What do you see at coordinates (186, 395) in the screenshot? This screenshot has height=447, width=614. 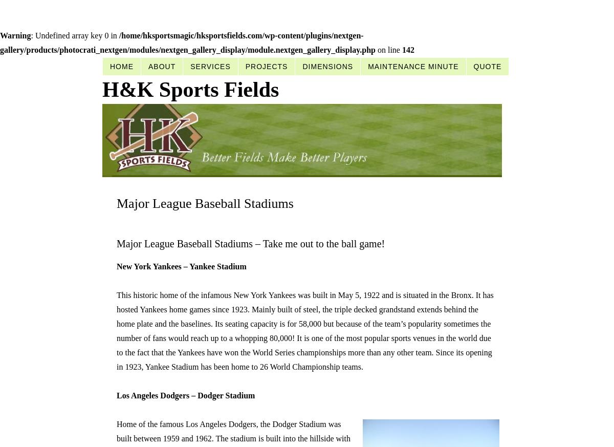 I see `'Los Angeles Dodgers – Dodger Stadium'` at bounding box center [186, 395].